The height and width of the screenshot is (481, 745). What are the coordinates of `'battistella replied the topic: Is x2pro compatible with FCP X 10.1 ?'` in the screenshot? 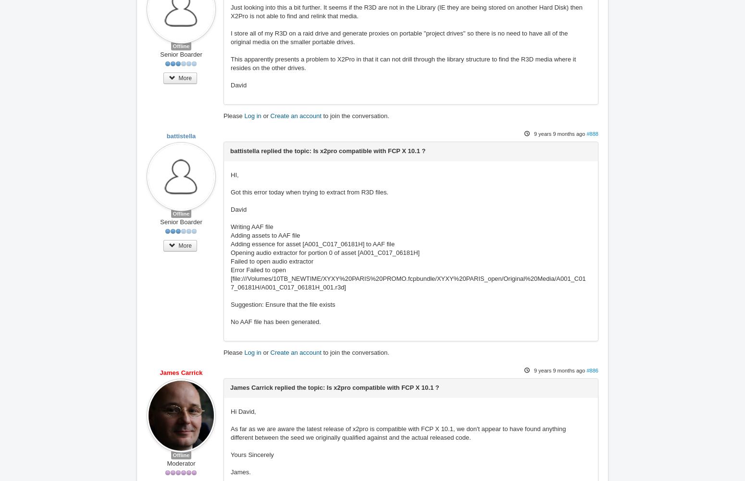 It's located at (327, 150).